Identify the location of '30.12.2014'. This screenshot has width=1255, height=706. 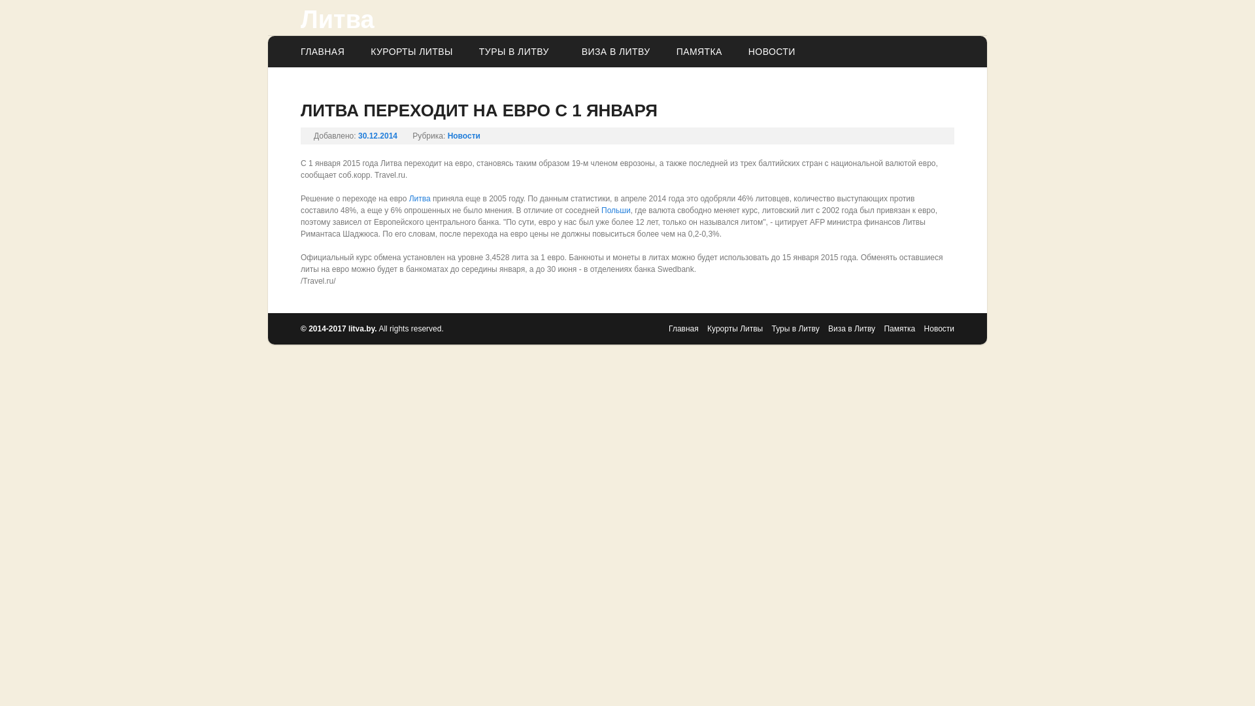
(376, 136).